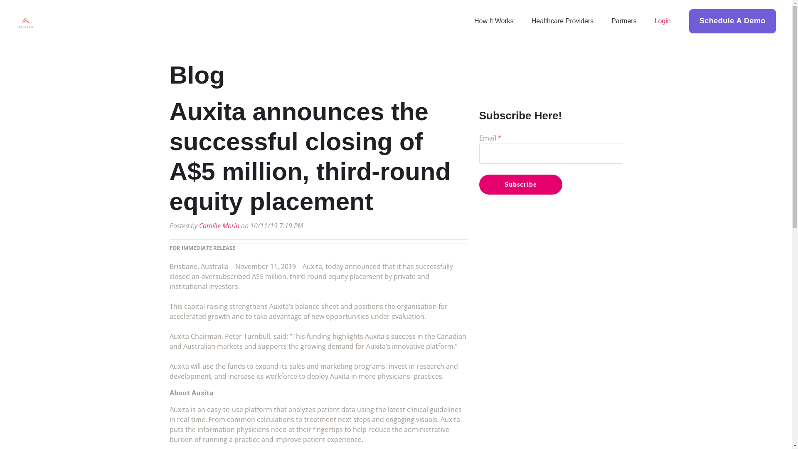  What do you see at coordinates (624, 20) in the screenshot?
I see `'Partners'` at bounding box center [624, 20].